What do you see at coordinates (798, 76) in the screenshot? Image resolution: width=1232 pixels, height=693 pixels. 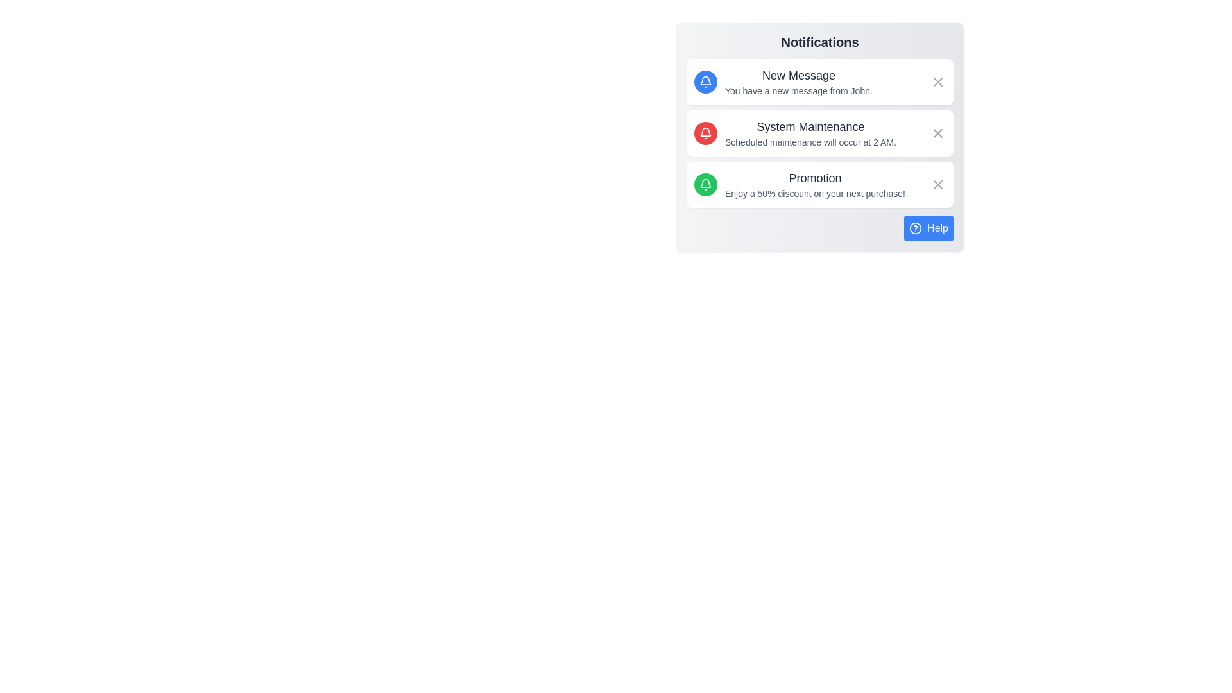 I see `the 'New Message' static text label, which is displayed in bold with a medium font weight and dark gray color, located at the top of the notification box` at bounding box center [798, 76].